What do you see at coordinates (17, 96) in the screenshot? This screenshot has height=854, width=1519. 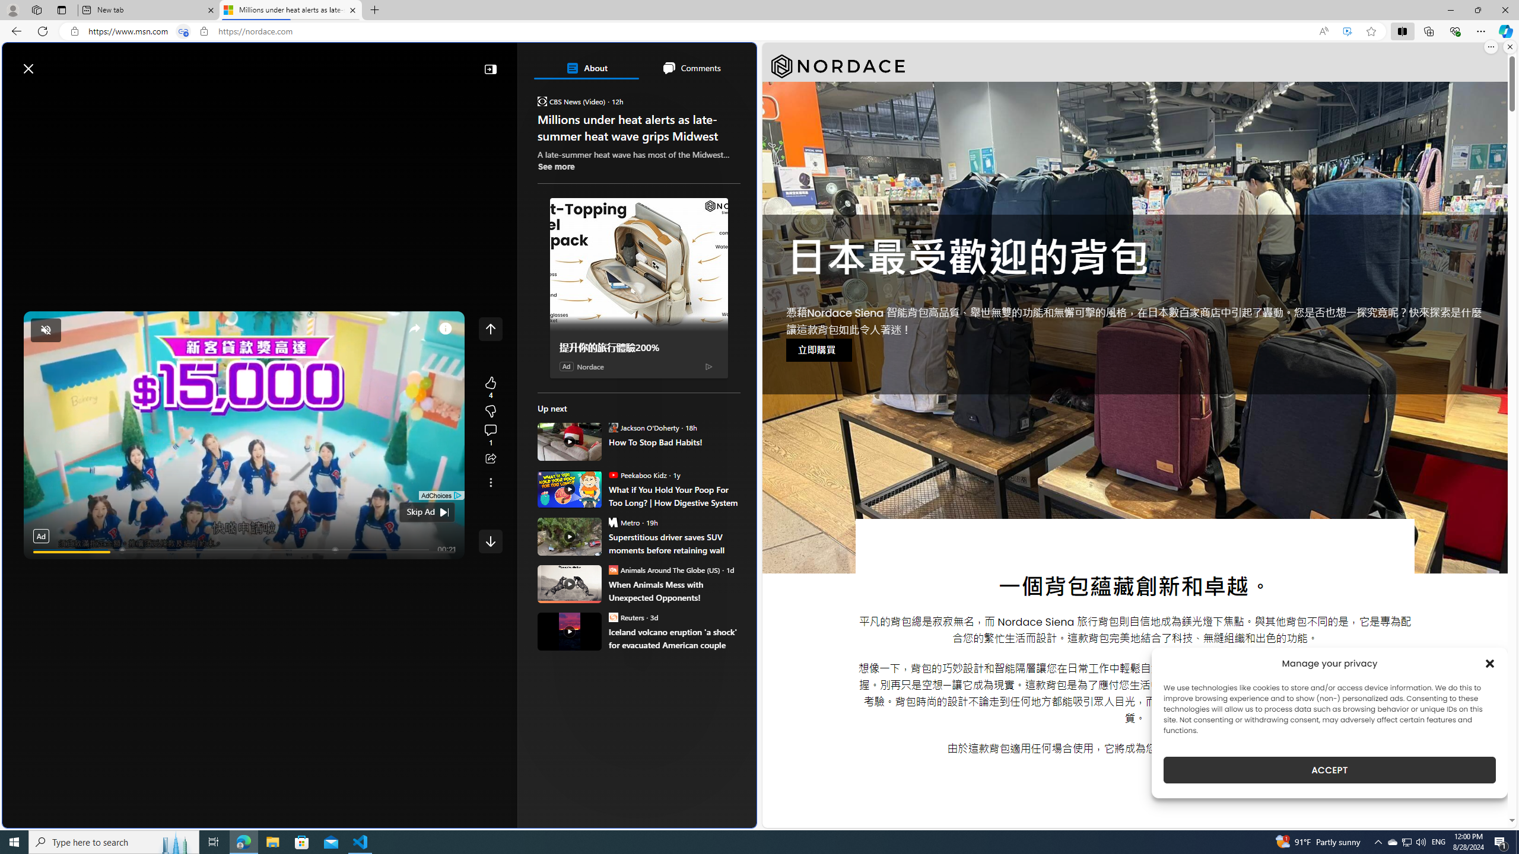 I see `'Class: button-glyph'` at bounding box center [17, 96].